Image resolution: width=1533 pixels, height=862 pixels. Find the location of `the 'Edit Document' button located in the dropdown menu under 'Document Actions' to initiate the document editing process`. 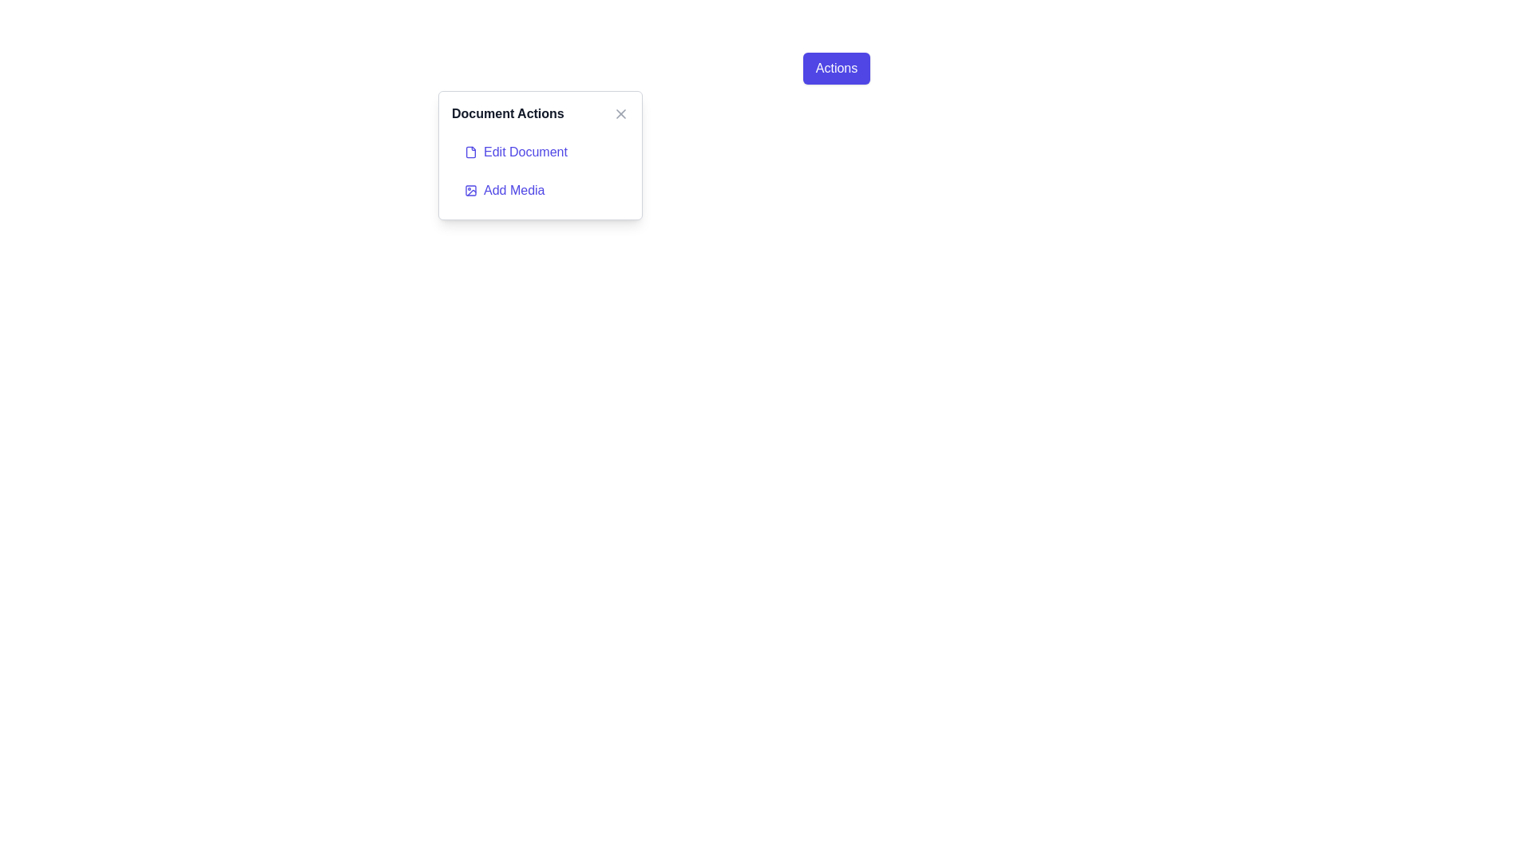

the 'Edit Document' button located in the dropdown menu under 'Document Actions' to initiate the document editing process is located at coordinates (540, 152).